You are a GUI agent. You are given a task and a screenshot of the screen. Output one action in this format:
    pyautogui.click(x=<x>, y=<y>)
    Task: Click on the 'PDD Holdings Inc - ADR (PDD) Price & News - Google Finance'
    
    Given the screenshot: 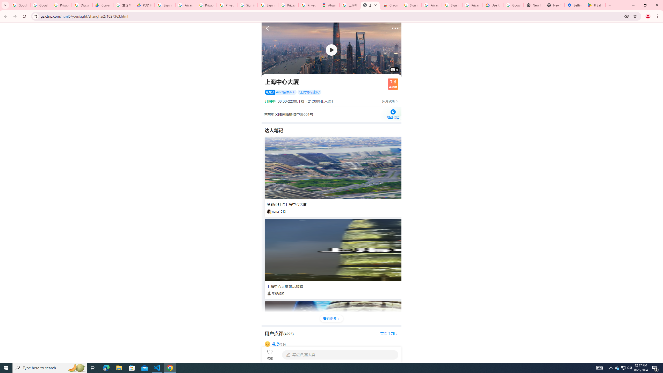 What is the action you would take?
    pyautogui.click(x=144, y=5)
    